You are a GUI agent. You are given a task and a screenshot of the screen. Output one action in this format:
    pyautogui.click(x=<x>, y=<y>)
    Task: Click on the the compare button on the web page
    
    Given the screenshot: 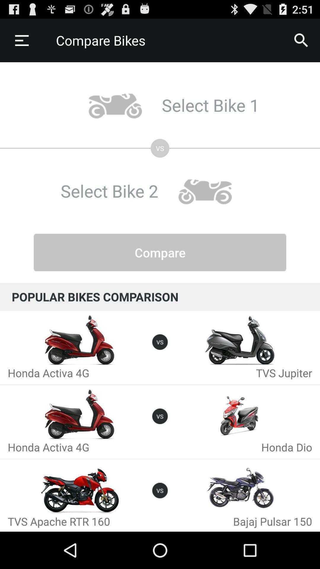 What is the action you would take?
    pyautogui.click(x=160, y=252)
    